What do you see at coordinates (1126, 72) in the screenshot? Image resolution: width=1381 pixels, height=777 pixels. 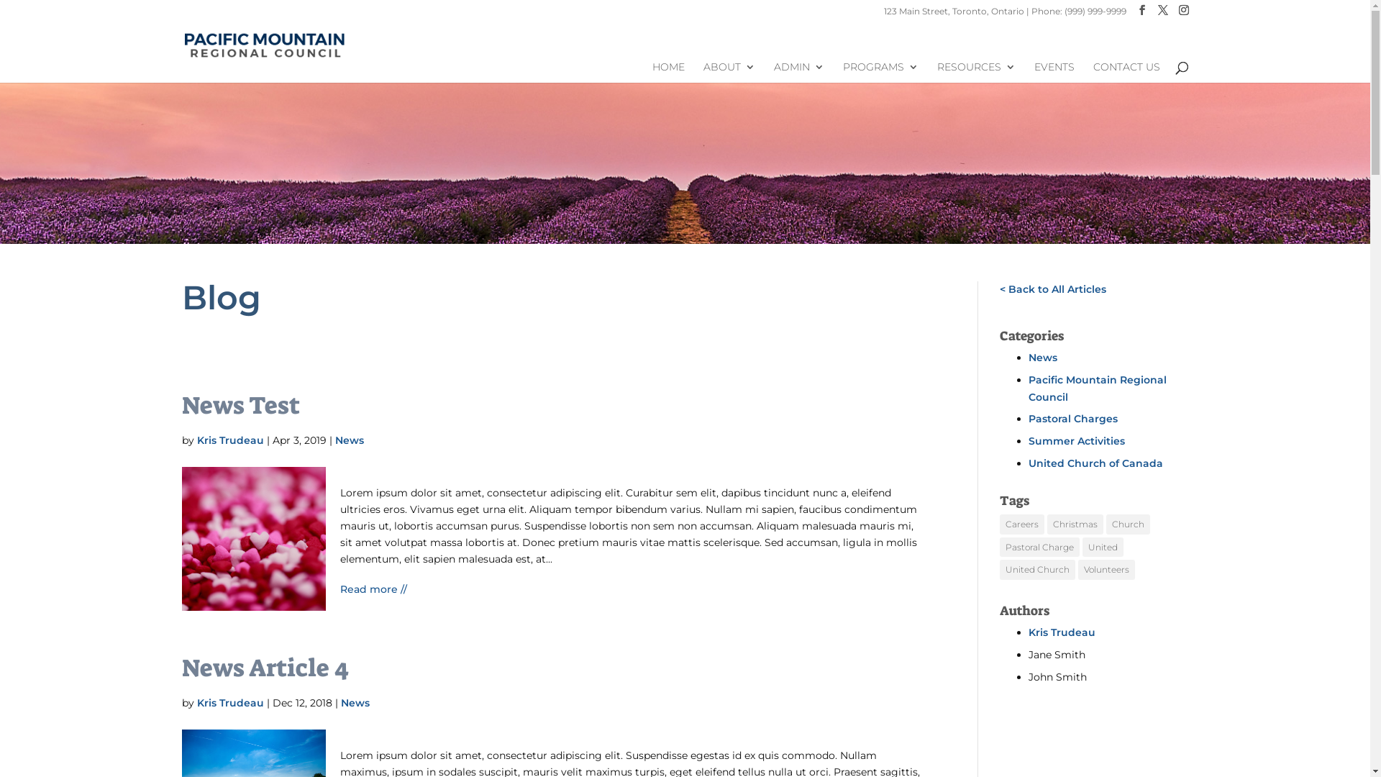 I see `'CONTACT US'` at bounding box center [1126, 72].